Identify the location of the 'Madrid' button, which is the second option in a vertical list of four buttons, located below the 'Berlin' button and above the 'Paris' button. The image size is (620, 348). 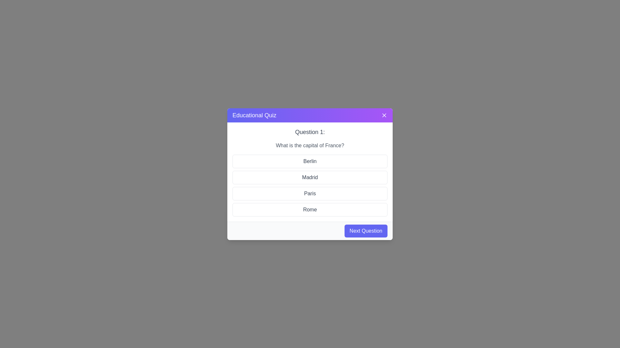
(310, 174).